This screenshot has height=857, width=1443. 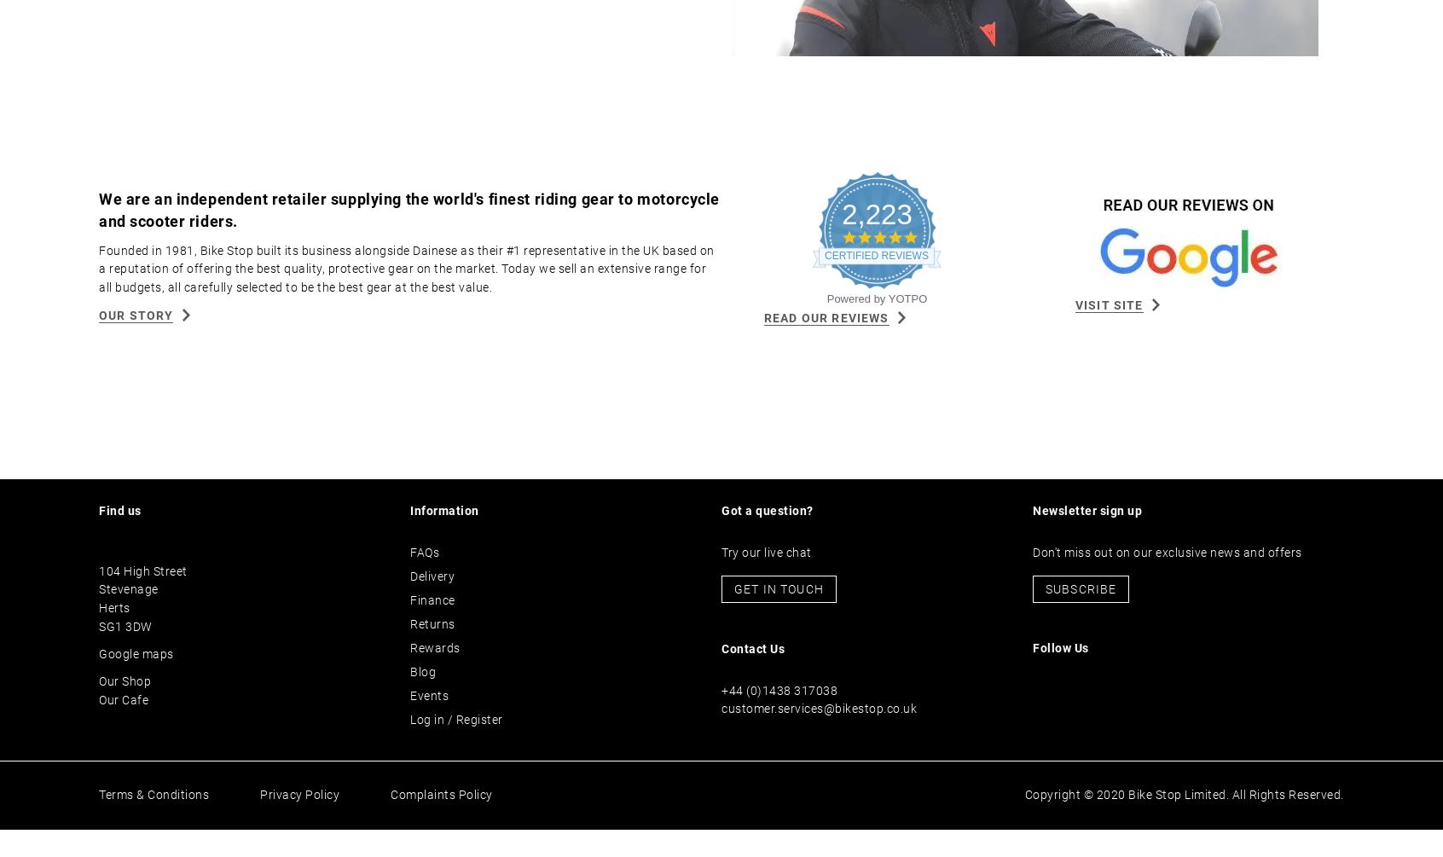 What do you see at coordinates (733, 617) in the screenshot?
I see `'Get in touch'` at bounding box center [733, 617].